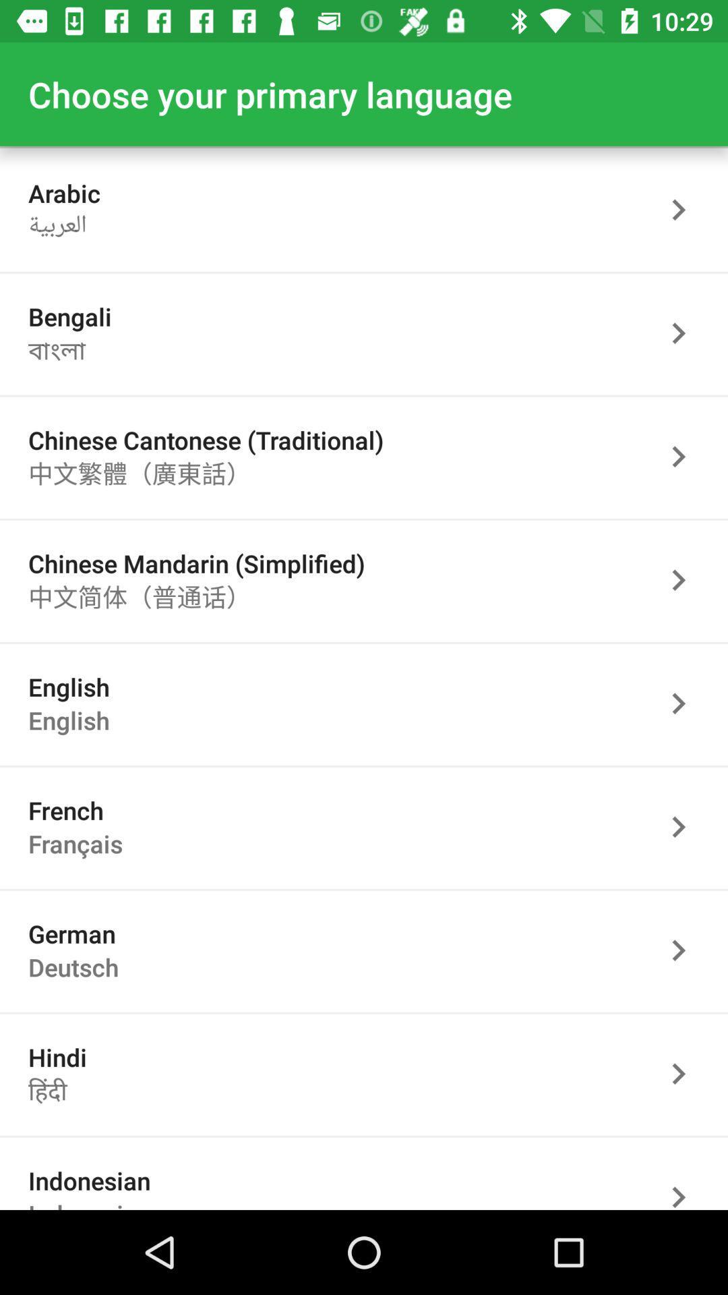 The width and height of the screenshot is (728, 1295). I want to click on pick this language, so click(686, 457).